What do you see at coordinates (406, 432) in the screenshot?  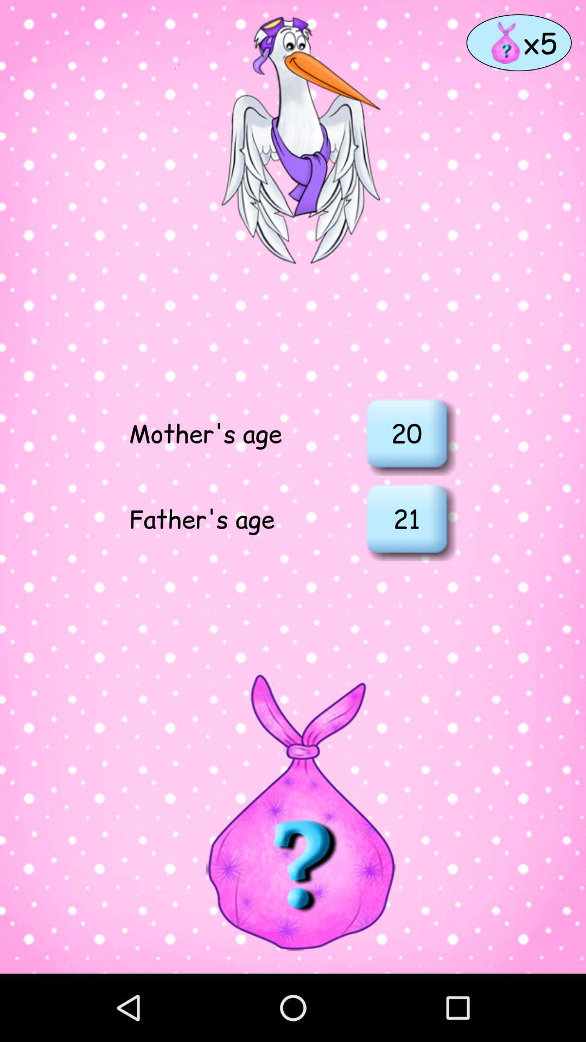 I see `icon to the right of the mother's age item` at bounding box center [406, 432].